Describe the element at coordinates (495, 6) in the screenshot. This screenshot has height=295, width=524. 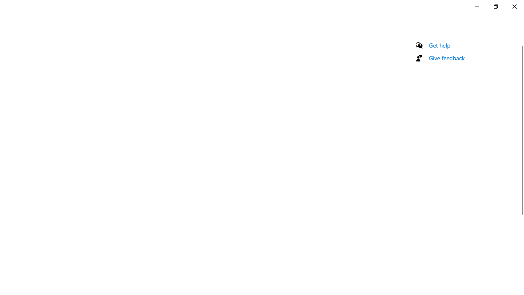
I see `'Restore Settings'` at that location.